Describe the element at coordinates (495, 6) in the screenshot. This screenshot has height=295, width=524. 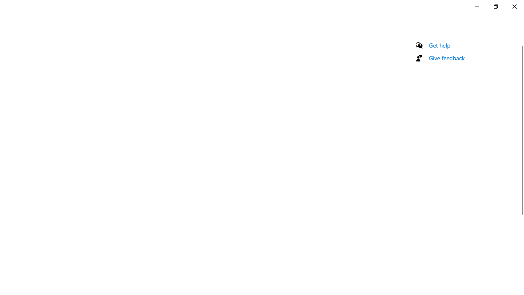
I see `'Restore Settings'` at that location.